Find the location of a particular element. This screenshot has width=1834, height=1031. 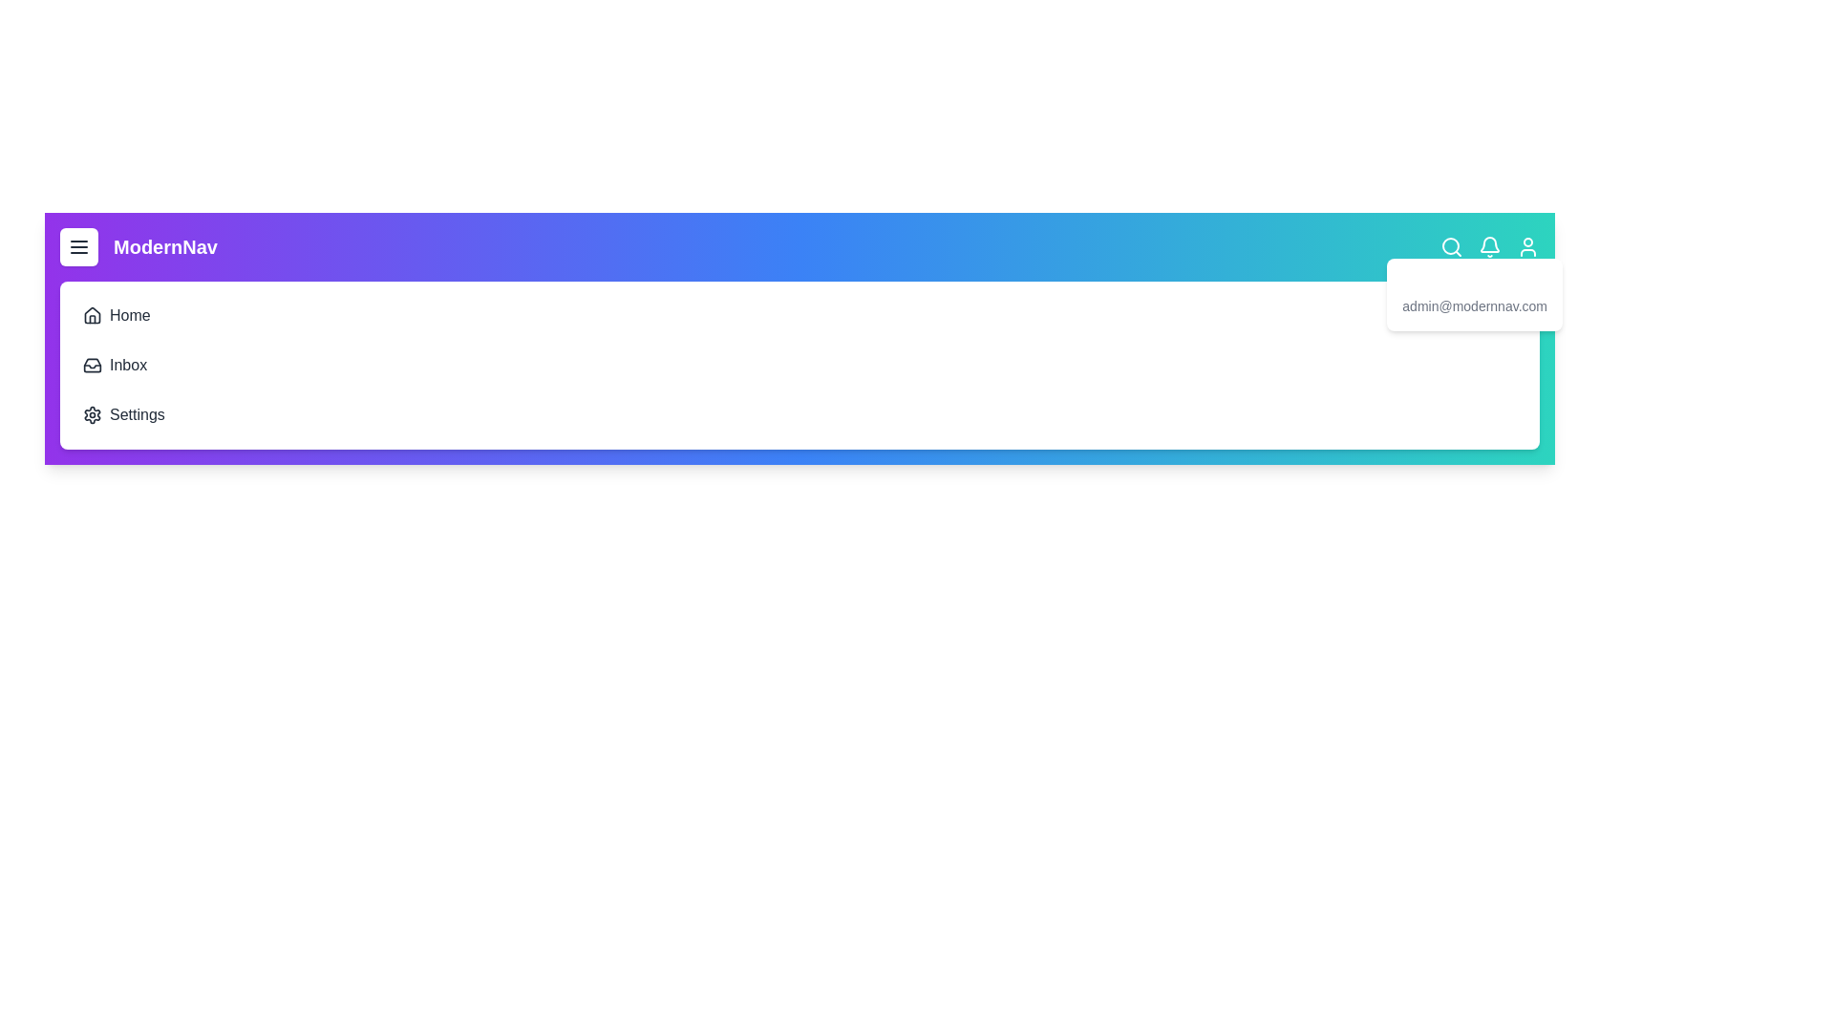

the Inbox navigation item is located at coordinates (95, 353).